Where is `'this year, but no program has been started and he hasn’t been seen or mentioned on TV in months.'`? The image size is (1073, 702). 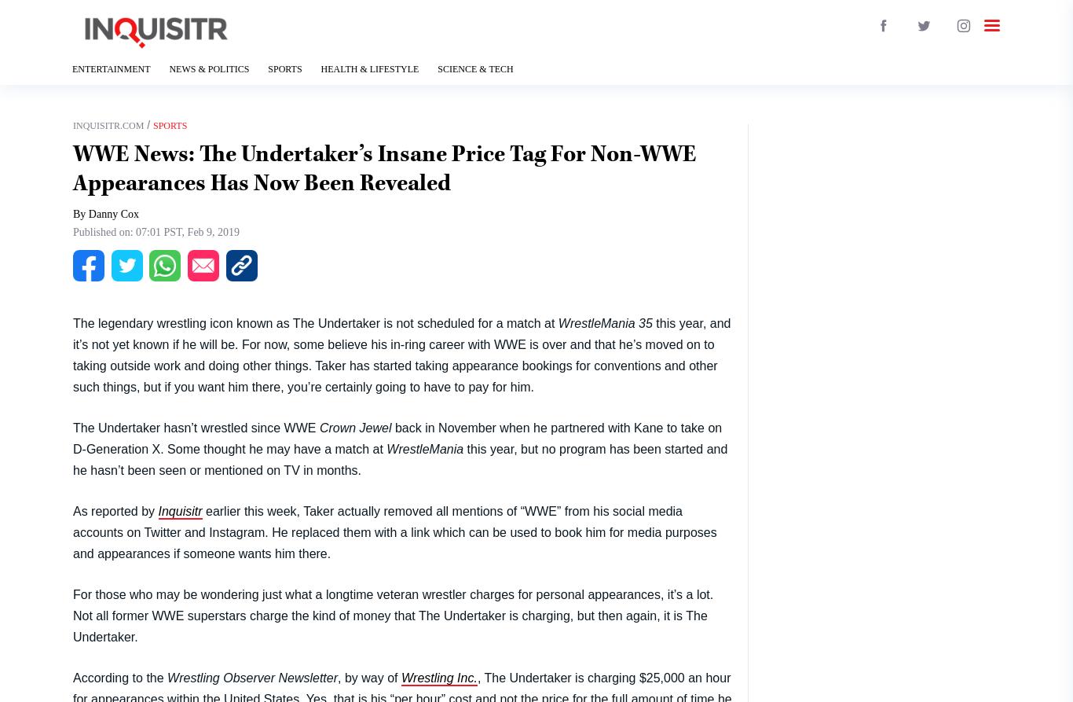 'this year, but no program has been started and he hasn’t been seen or mentioned on TV in months.' is located at coordinates (400, 458).